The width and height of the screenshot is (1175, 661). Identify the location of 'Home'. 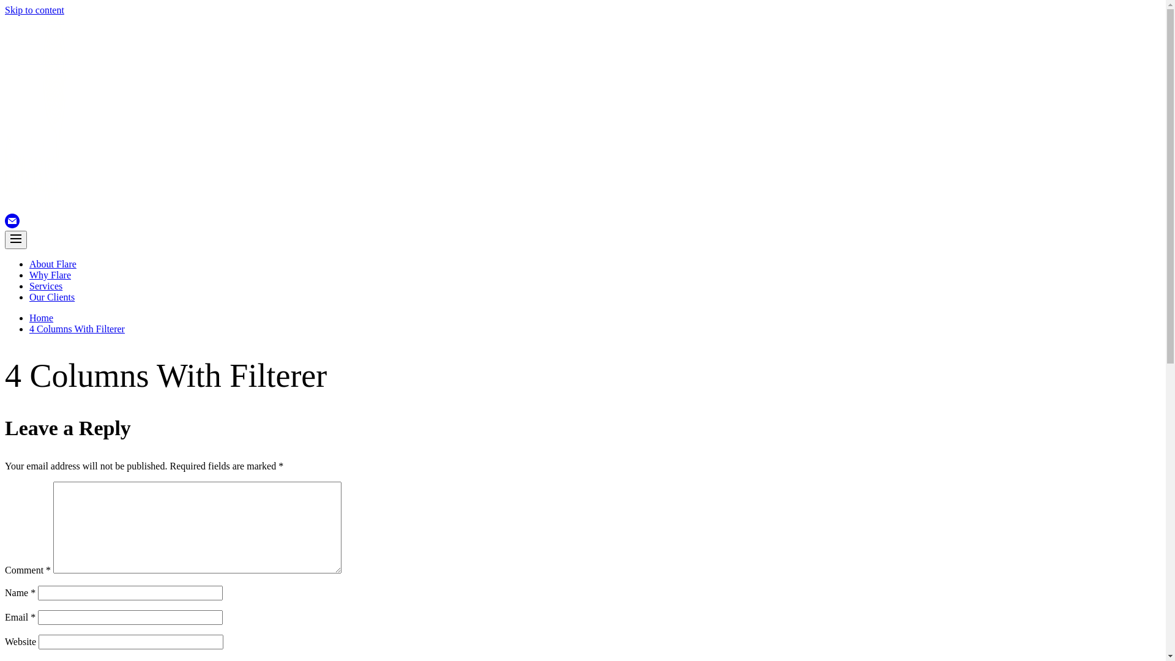
(29, 317).